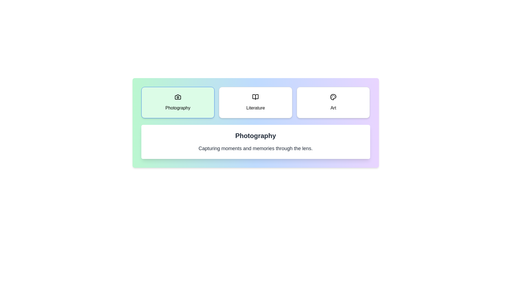 This screenshot has height=297, width=528. Describe the element at coordinates (255, 97) in the screenshot. I see `the literature or books category icon located in the center card of the top row of three cards within the main content area` at that location.